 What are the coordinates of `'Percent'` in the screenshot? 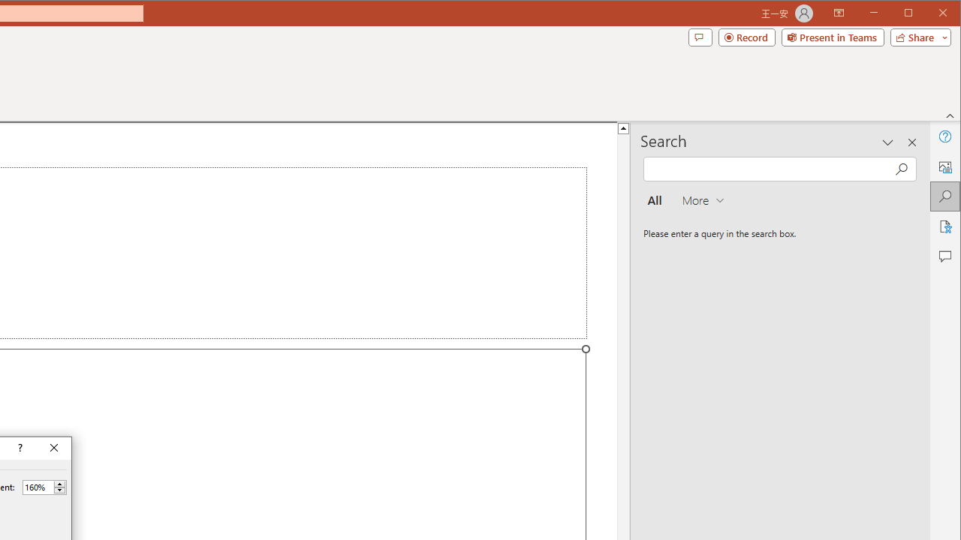 It's located at (44, 487).